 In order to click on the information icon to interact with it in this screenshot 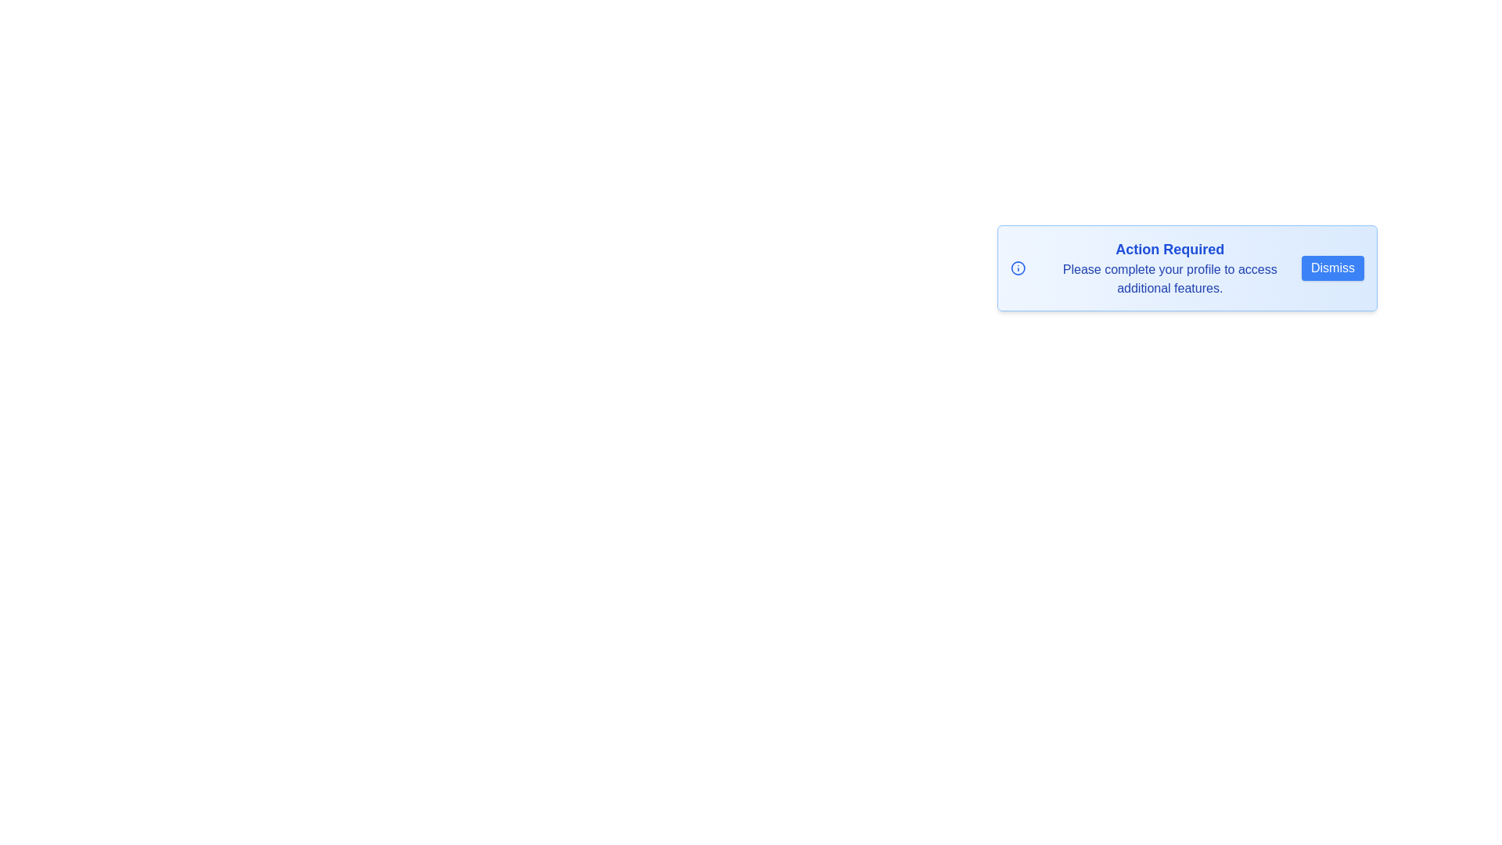, I will do `click(1017, 268)`.